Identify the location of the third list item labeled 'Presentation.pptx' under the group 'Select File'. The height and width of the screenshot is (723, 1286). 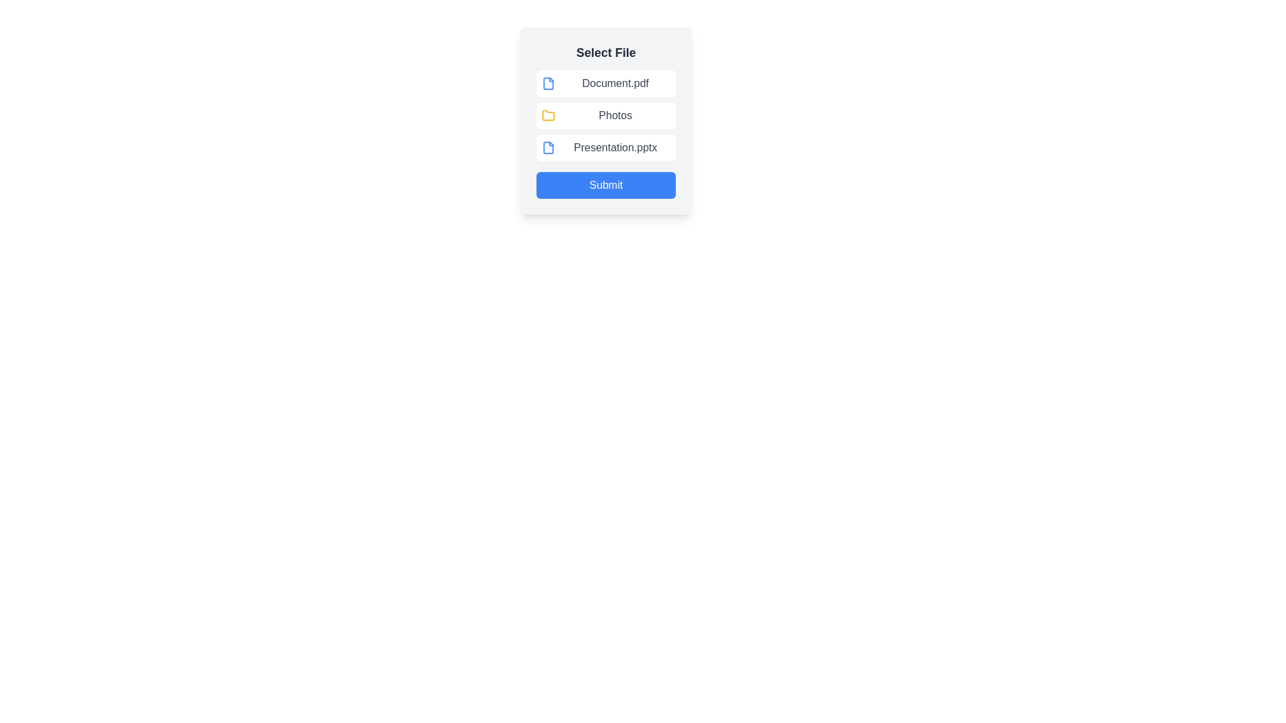
(605, 147).